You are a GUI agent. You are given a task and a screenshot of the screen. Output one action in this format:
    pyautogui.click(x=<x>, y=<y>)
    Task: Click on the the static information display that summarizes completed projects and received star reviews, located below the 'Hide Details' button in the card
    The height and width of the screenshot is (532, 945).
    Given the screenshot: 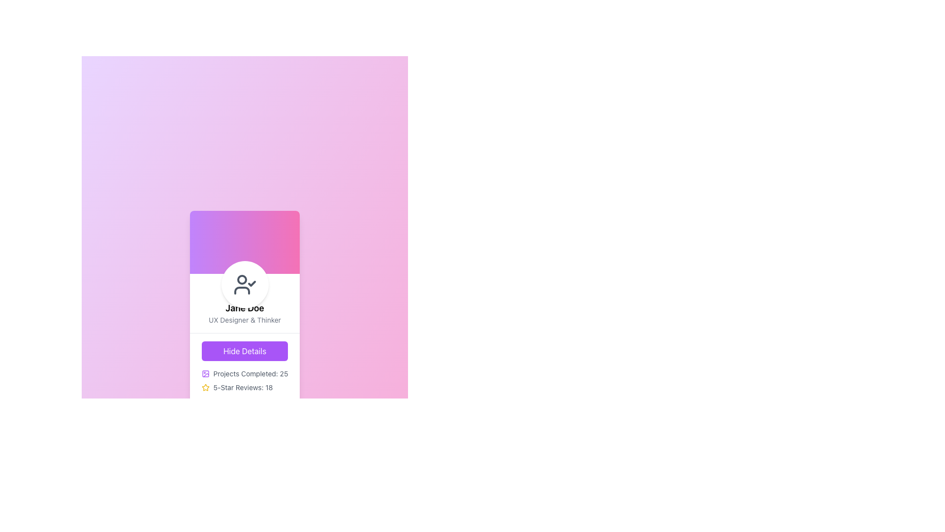 What is the action you would take?
    pyautogui.click(x=245, y=380)
    